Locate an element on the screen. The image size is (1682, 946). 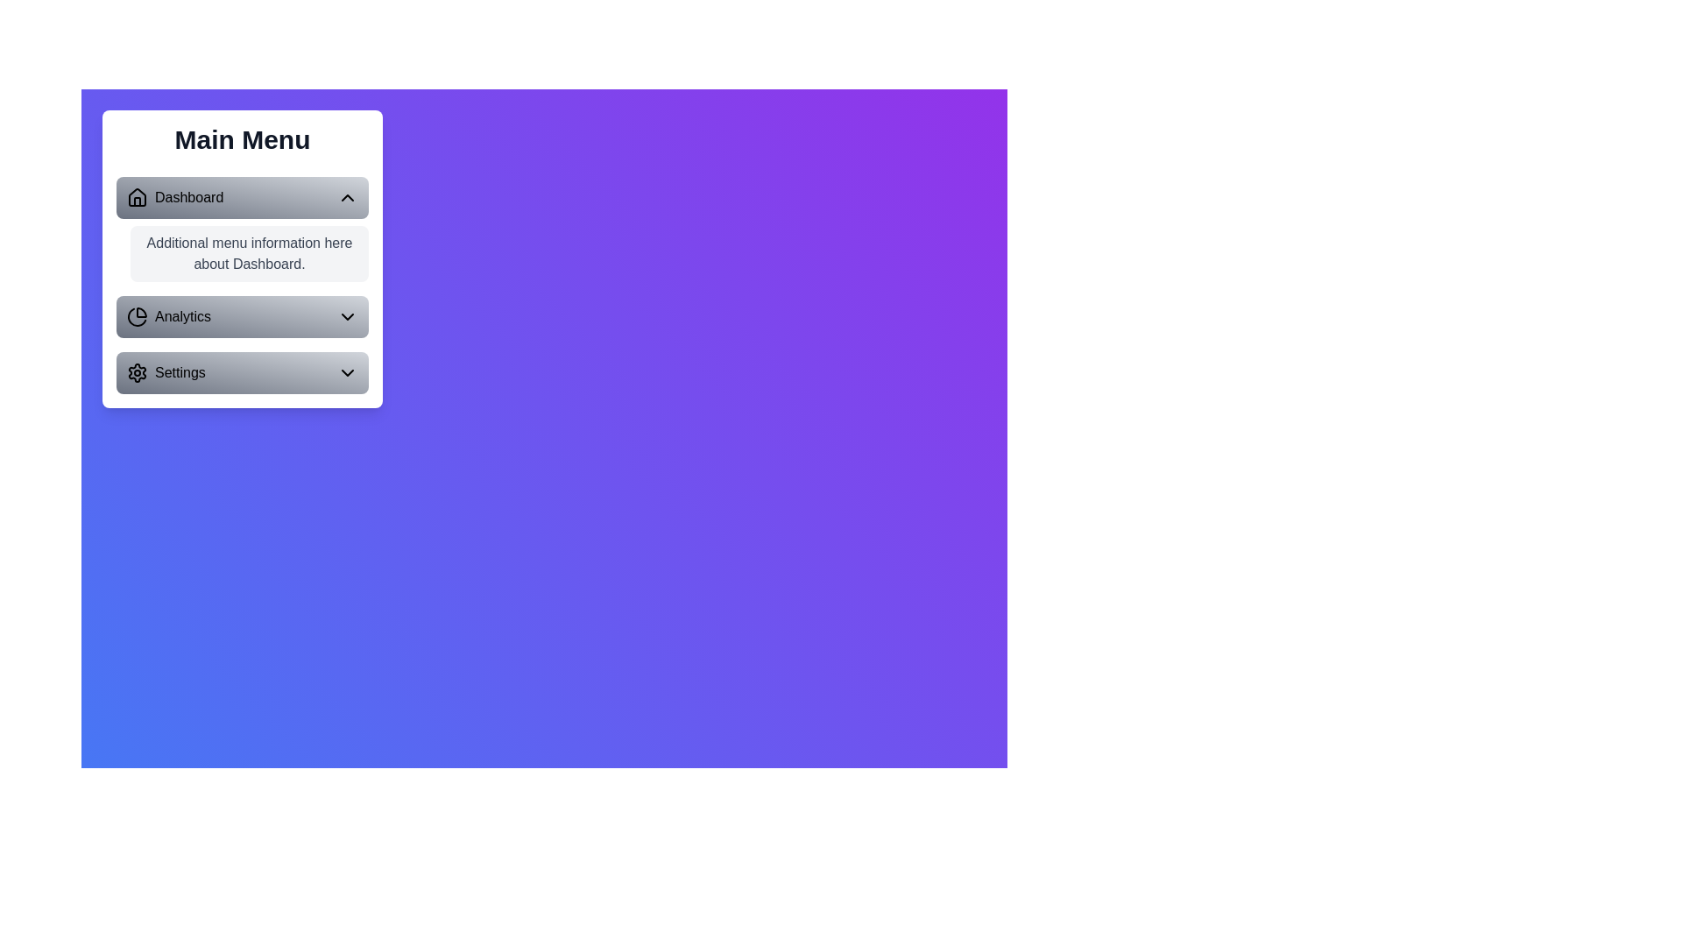
the first clickable menu item labeled 'Dashboard' which features a house icon and is located under the 'Main Menu' title is located at coordinates (175, 197).